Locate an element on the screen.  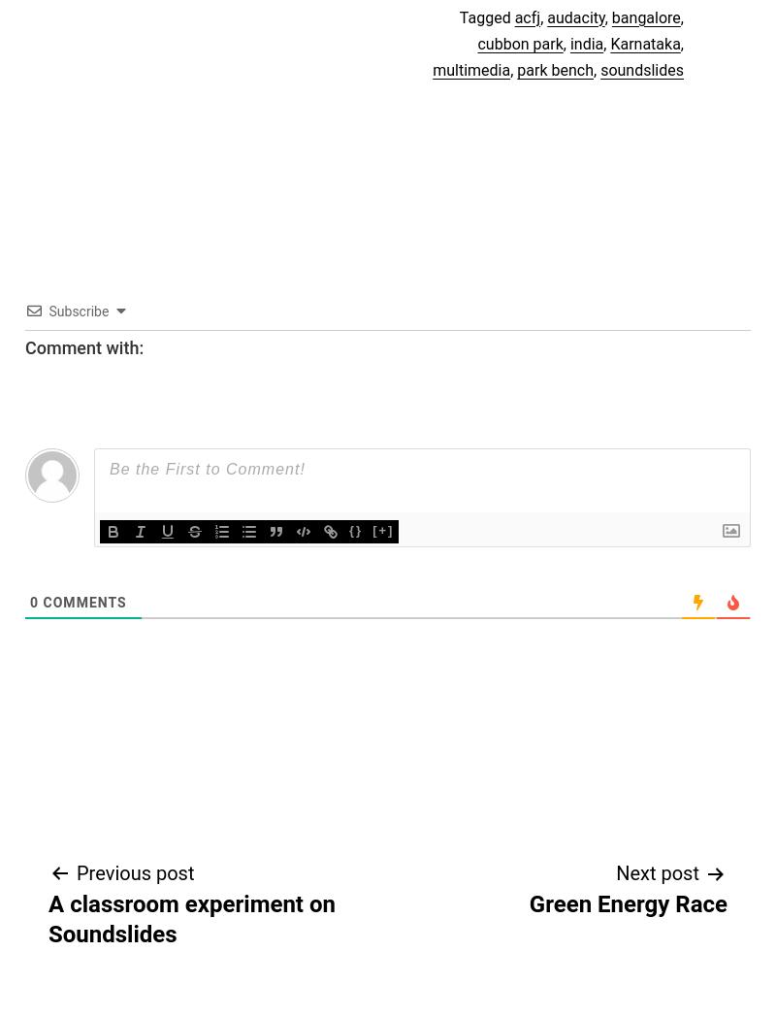
'Comment with:' is located at coordinates (83, 346).